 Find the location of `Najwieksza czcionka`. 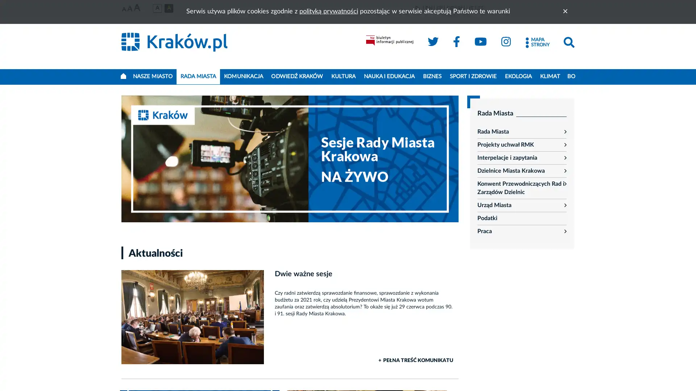

Najwieksza czcionka is located at coordinates (137, 8).